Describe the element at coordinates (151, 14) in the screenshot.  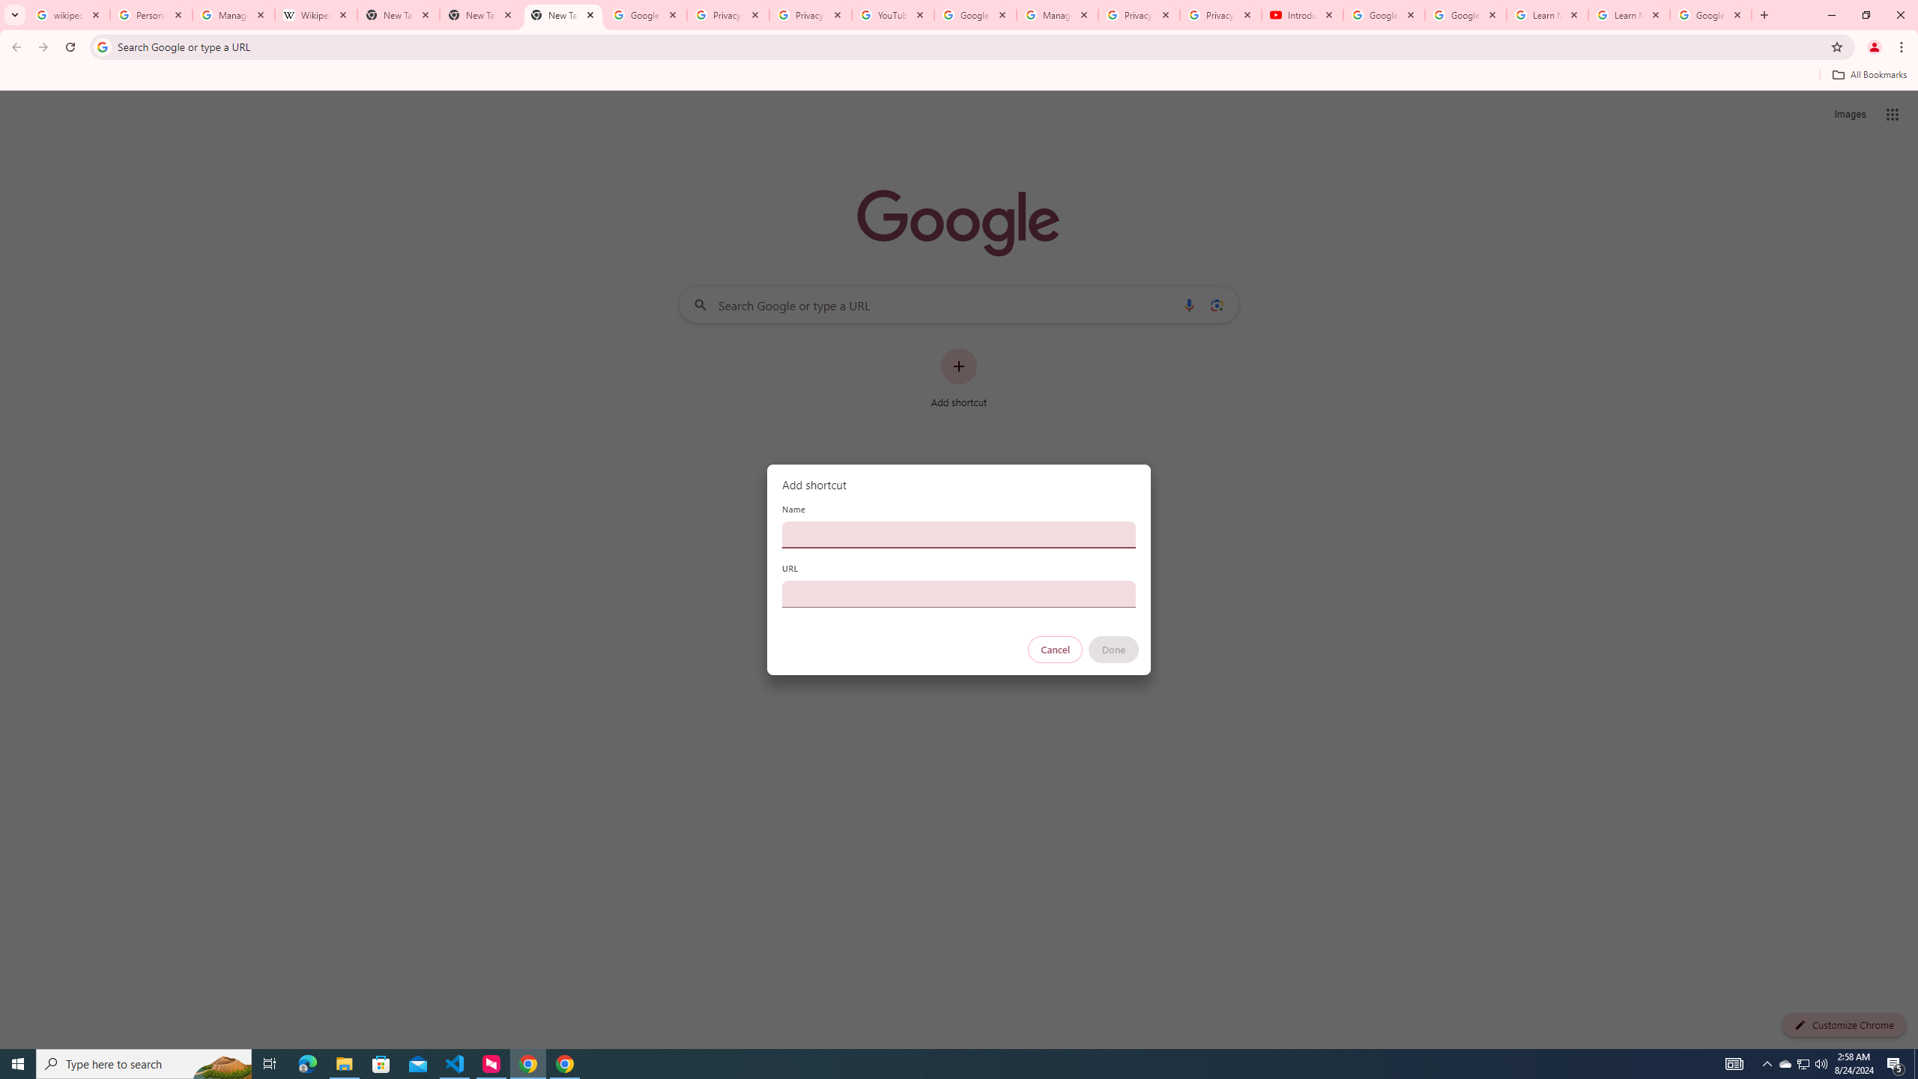
I see `'Personalization & Google Search results - Google Search Help'` at that location.